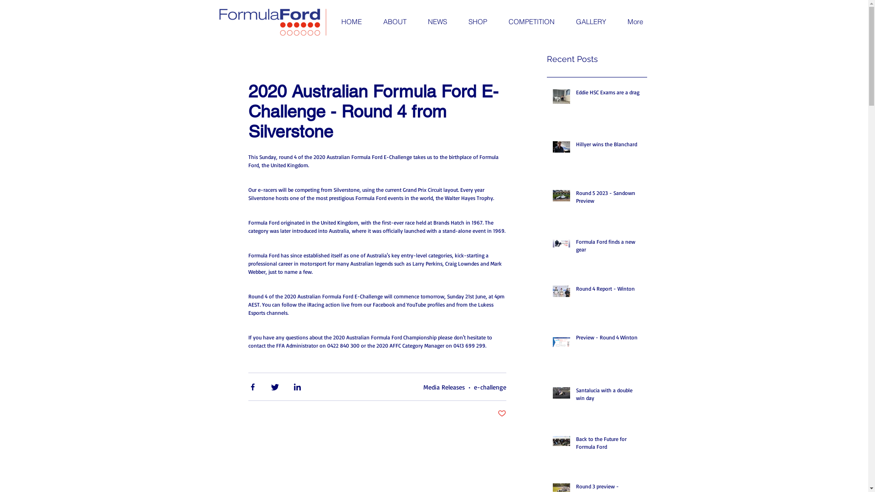 This screenshot has height=492, width=875. I want to click on 'HOME', so click(330, 21).